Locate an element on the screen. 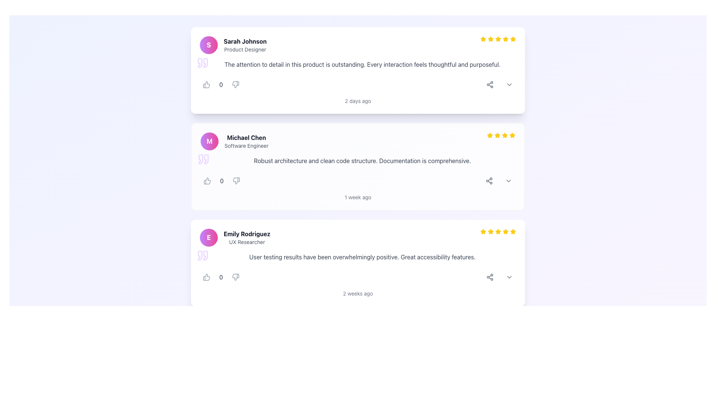 This screenshot has width=716, height=403. the text label displaying '2 weeks ago' in light gray font, located at the bottom of the card for 'Emily Rodriguez' is located at coordinates (358, 293).